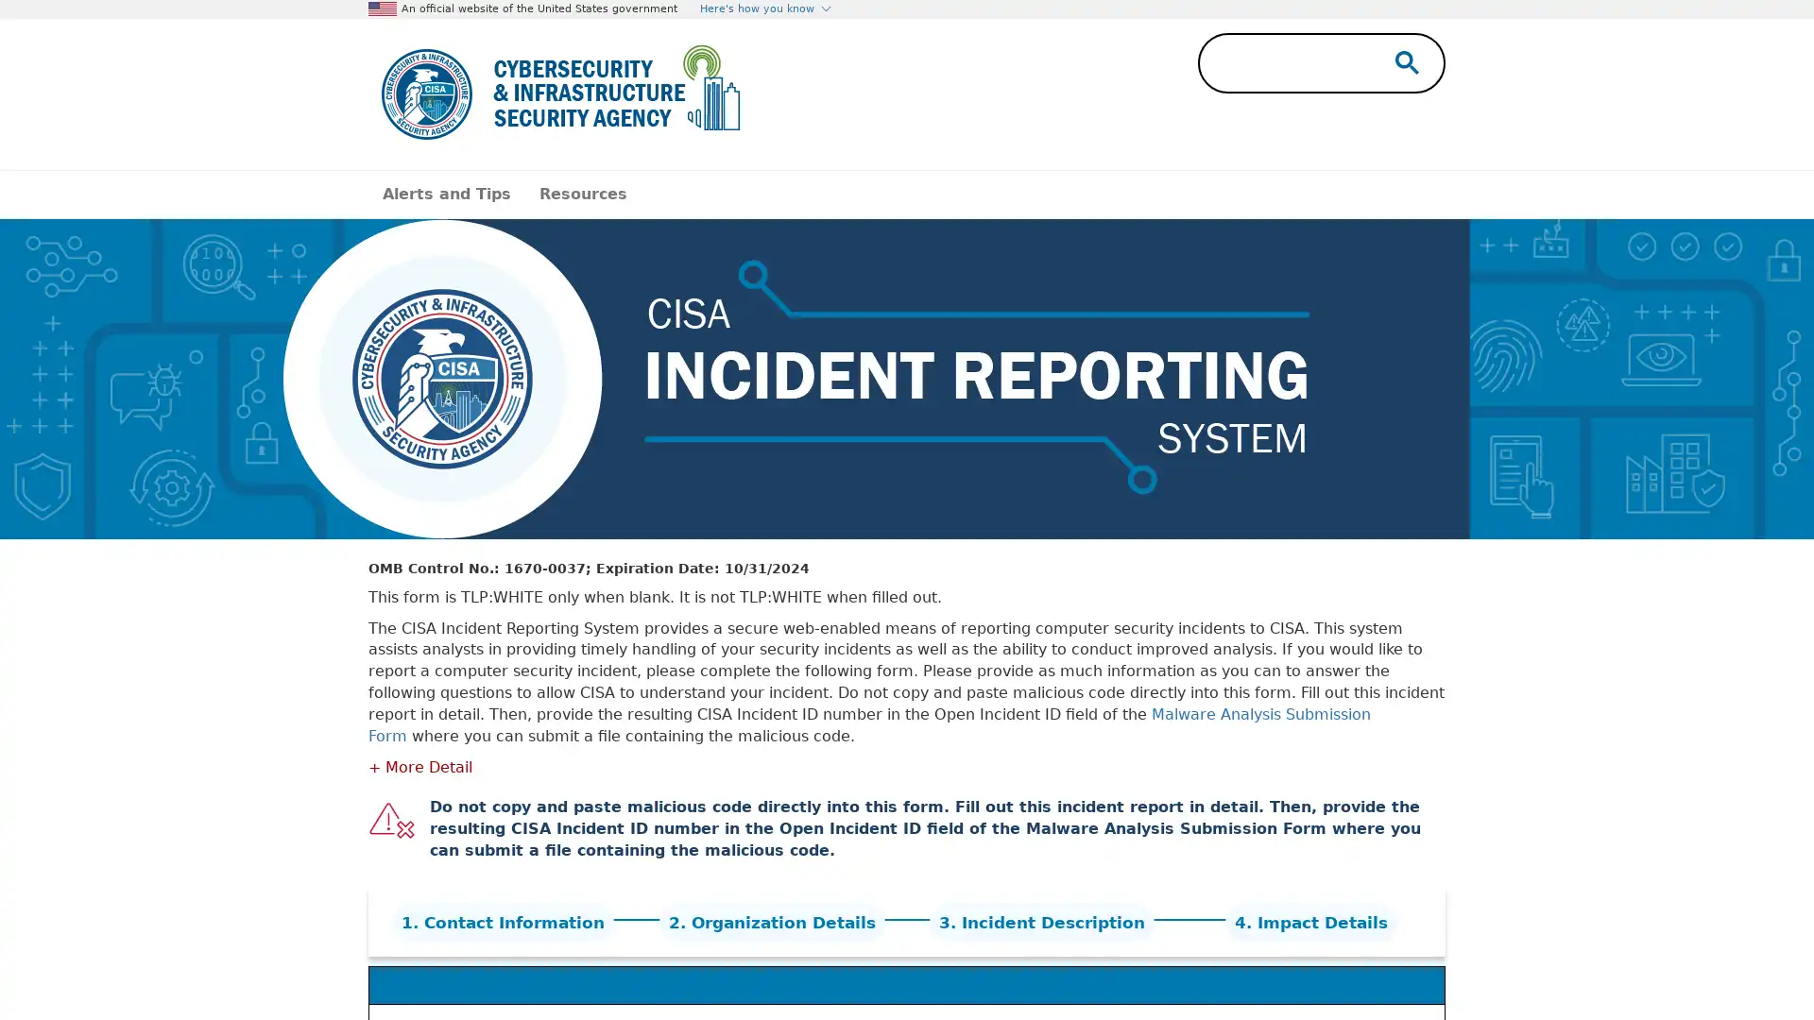 The width and height of the screenshot is (1814, 1020). What do you see at coordinates (1402, 60) in the screenshot?
I see `search` at bounding box center [1402, 60].